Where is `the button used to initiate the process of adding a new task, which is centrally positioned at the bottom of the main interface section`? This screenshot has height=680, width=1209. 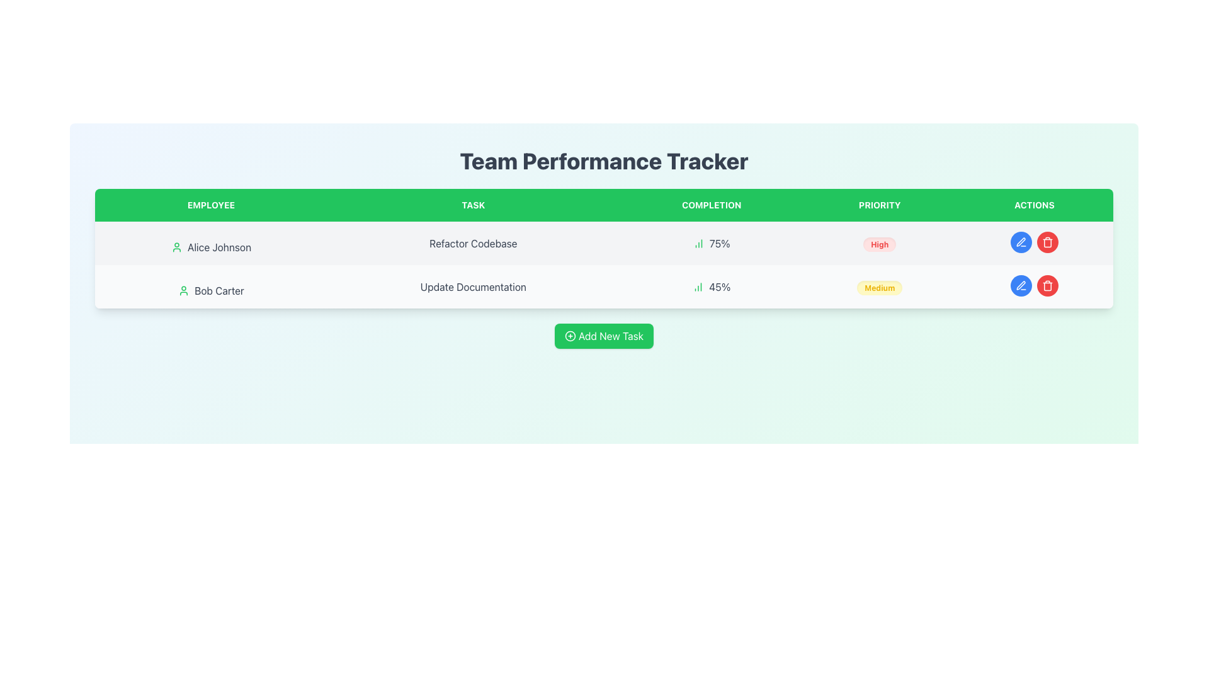
the button used to initiate the process of adding a new task, which is centrally positioned at the bottom of the main interface section is located at coordinates (603, 335).